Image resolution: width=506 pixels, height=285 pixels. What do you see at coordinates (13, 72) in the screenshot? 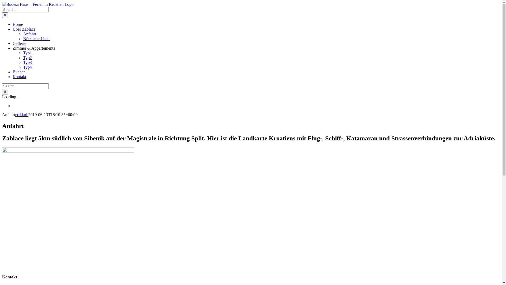
I see `'Buchen'` at bounding box center [13, 72].